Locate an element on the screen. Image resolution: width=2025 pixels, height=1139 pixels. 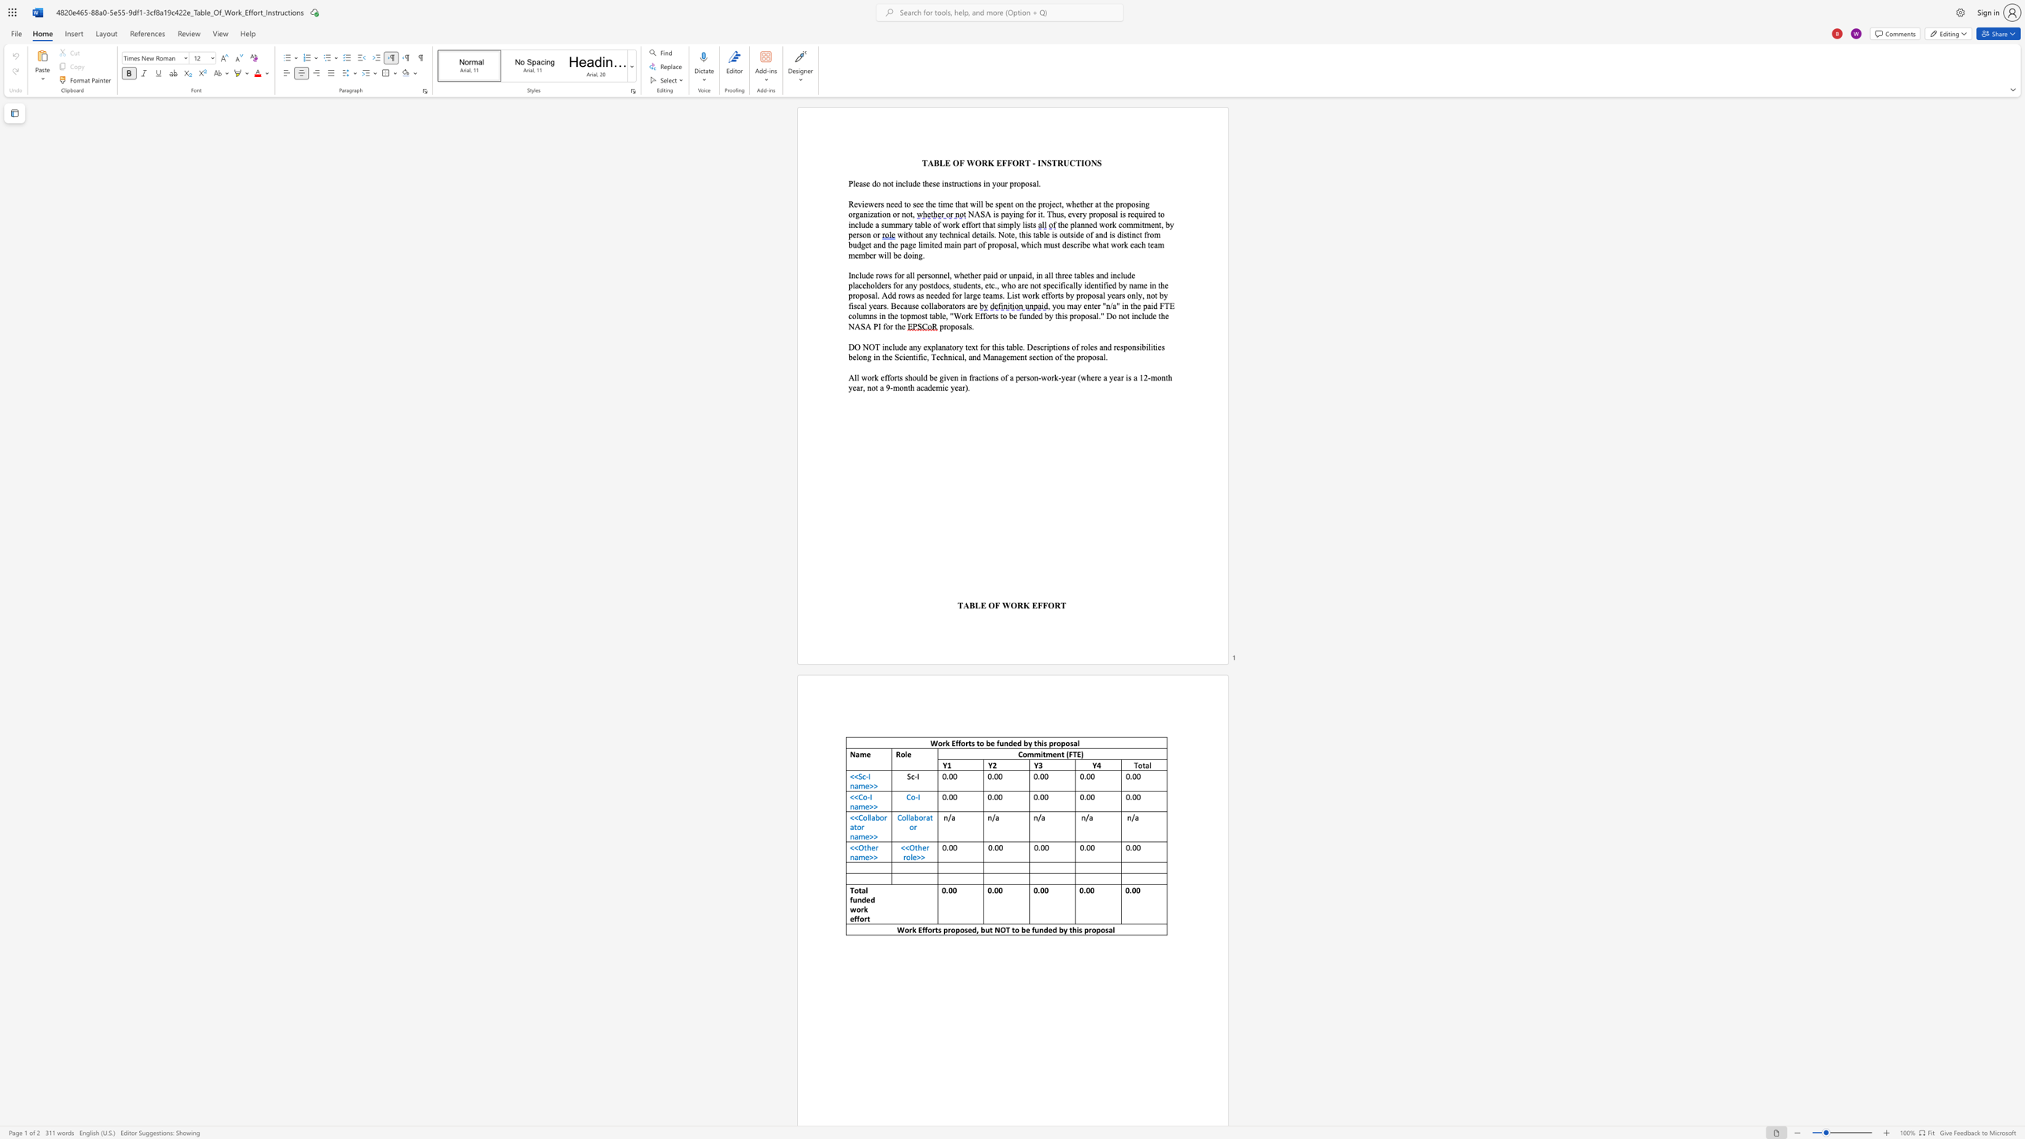
the subset text "als." within the text "proposals." is located at coordinates (962, 325).